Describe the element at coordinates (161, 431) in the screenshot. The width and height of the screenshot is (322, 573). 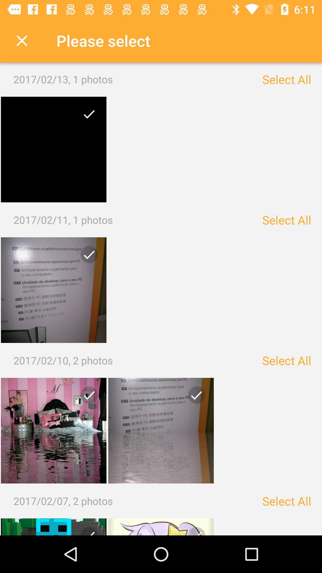
I see `photo` at that location.